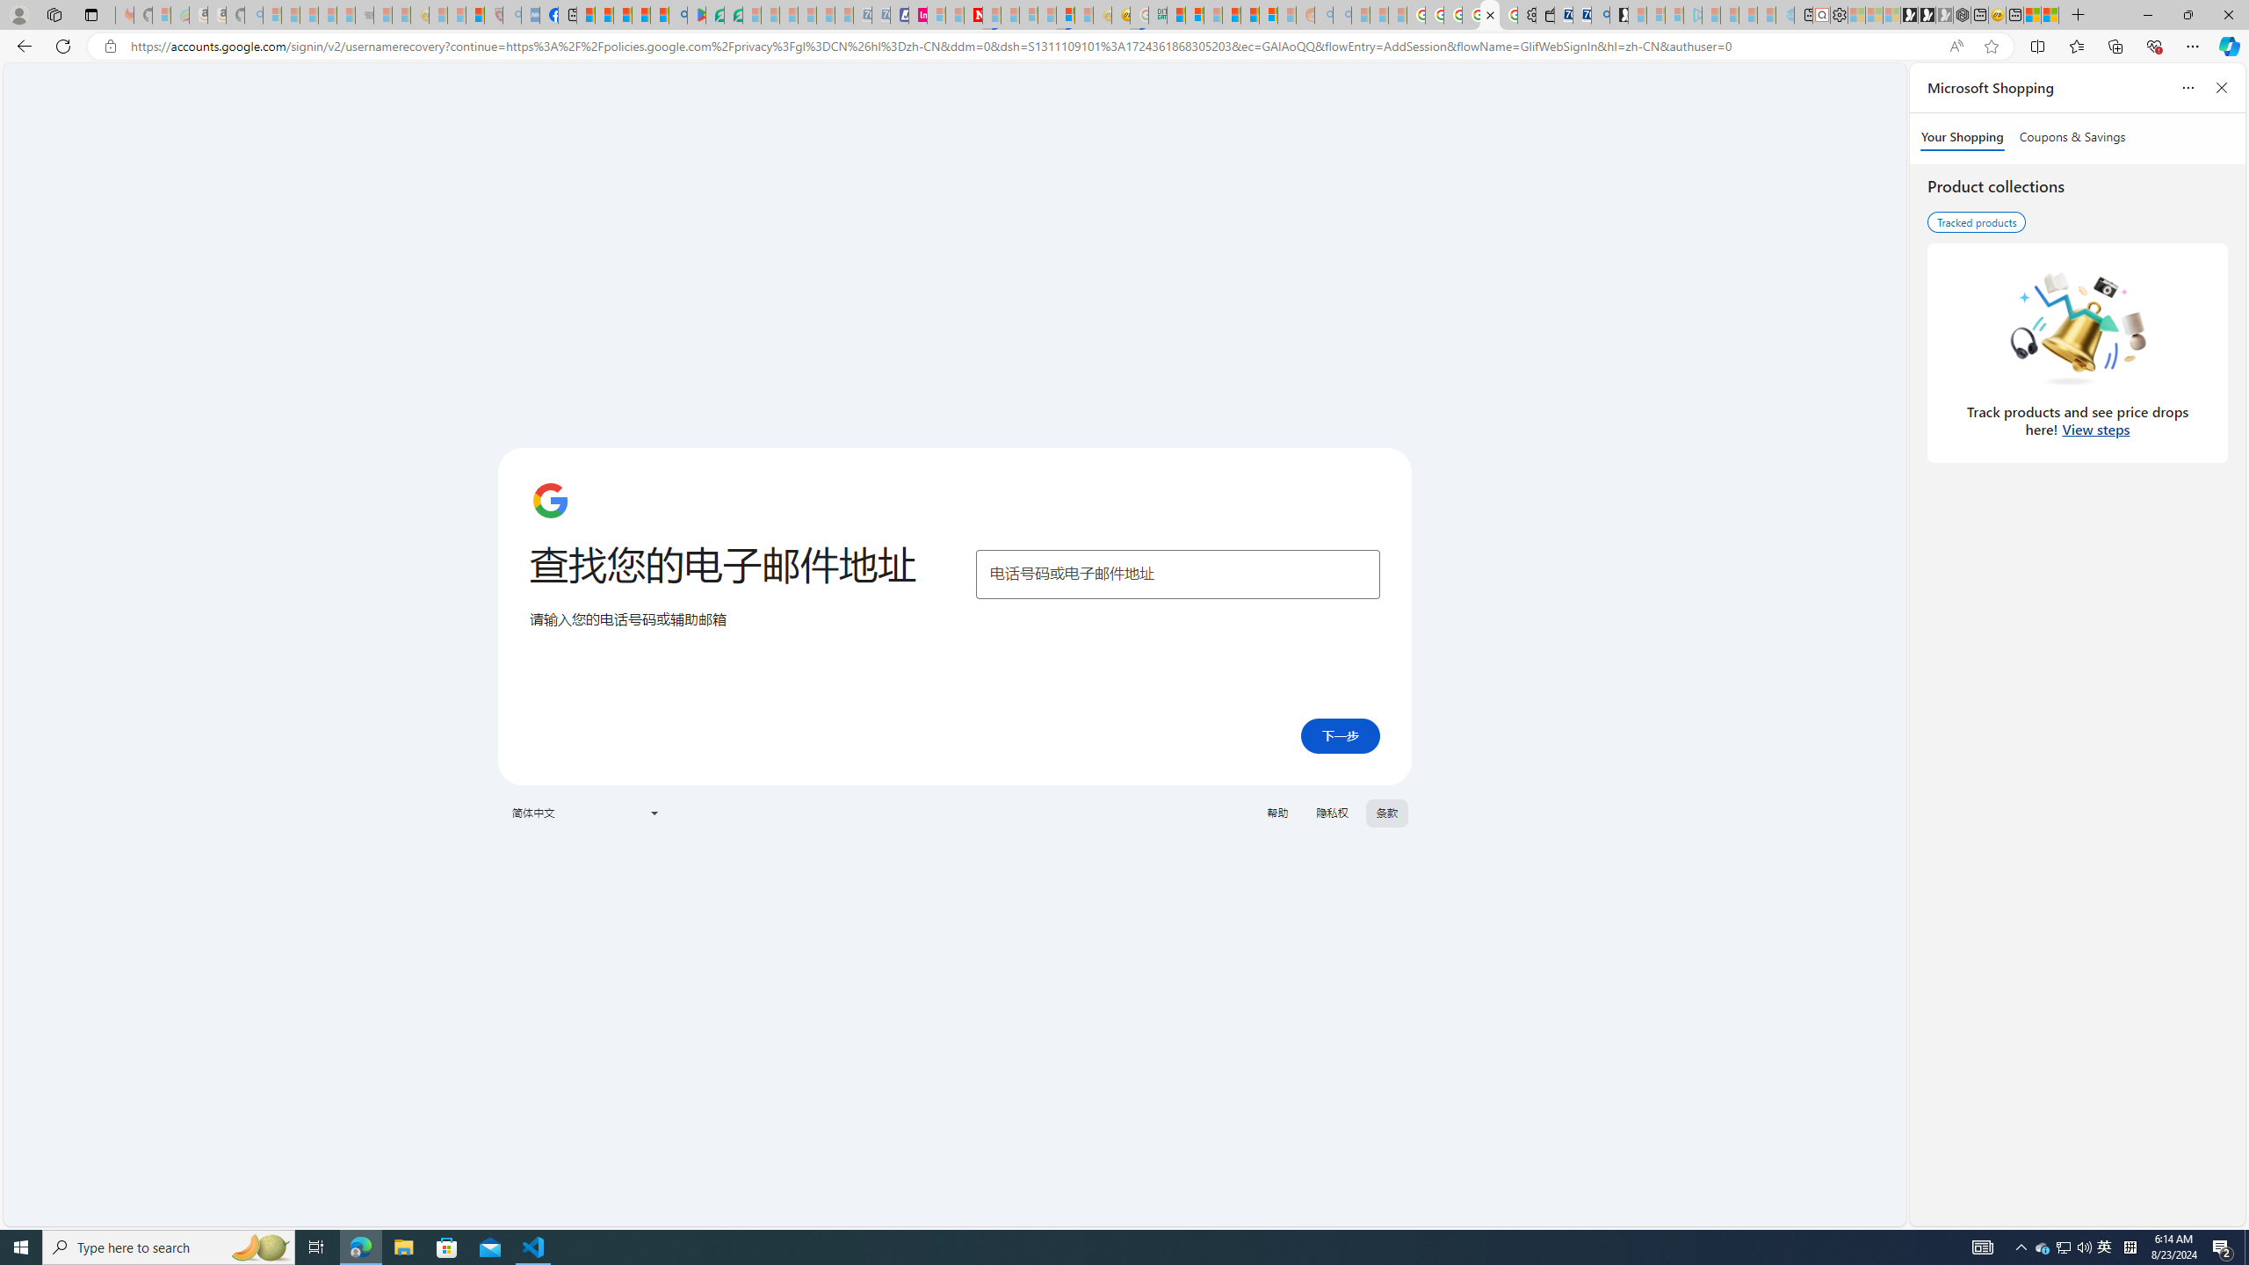 The height and width of the screenshot is (1265, 2249). Describe the element at coordinates (308, 14) in the screenshot. I see `'The Weather Channel - MSN - Sleeping'` at that location.